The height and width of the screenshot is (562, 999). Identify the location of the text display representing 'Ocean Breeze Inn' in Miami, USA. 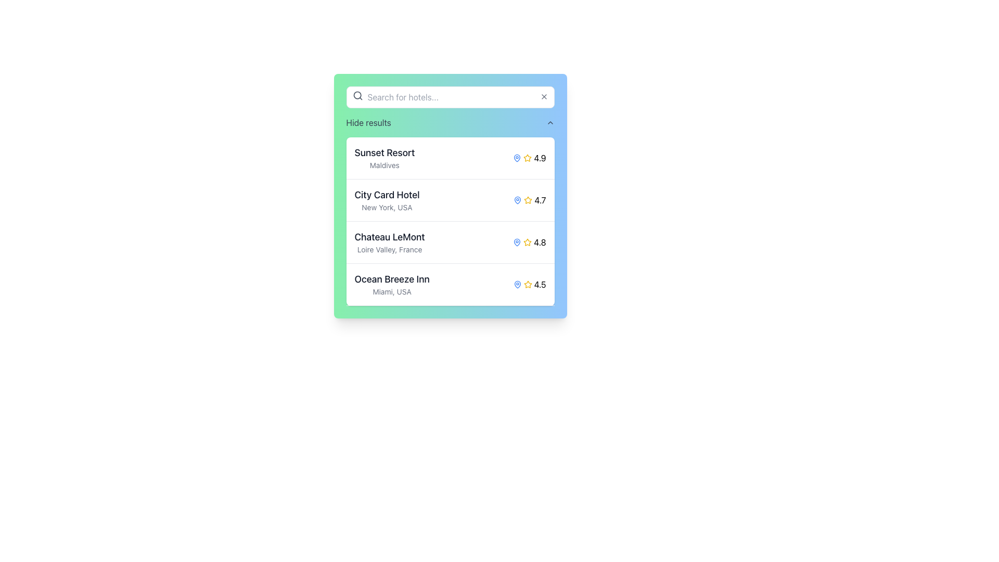
(391, 285).